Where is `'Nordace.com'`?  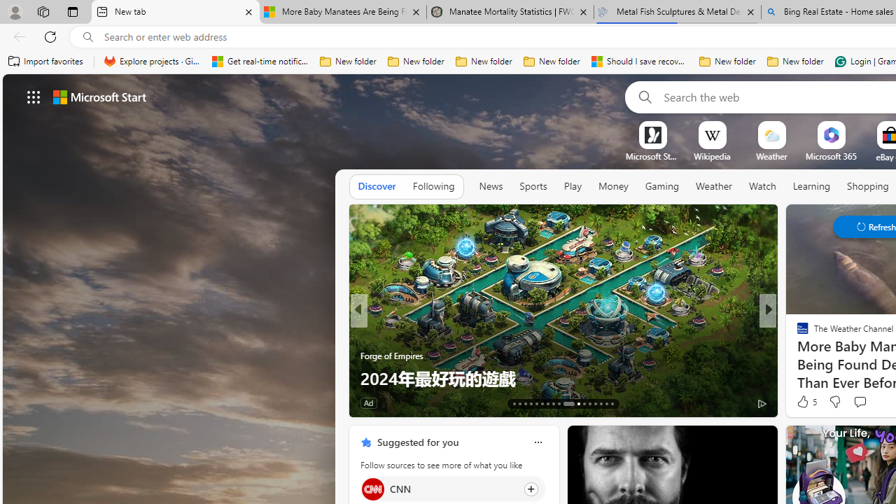 'Nordace.com' is located at coordinates (816, 354).